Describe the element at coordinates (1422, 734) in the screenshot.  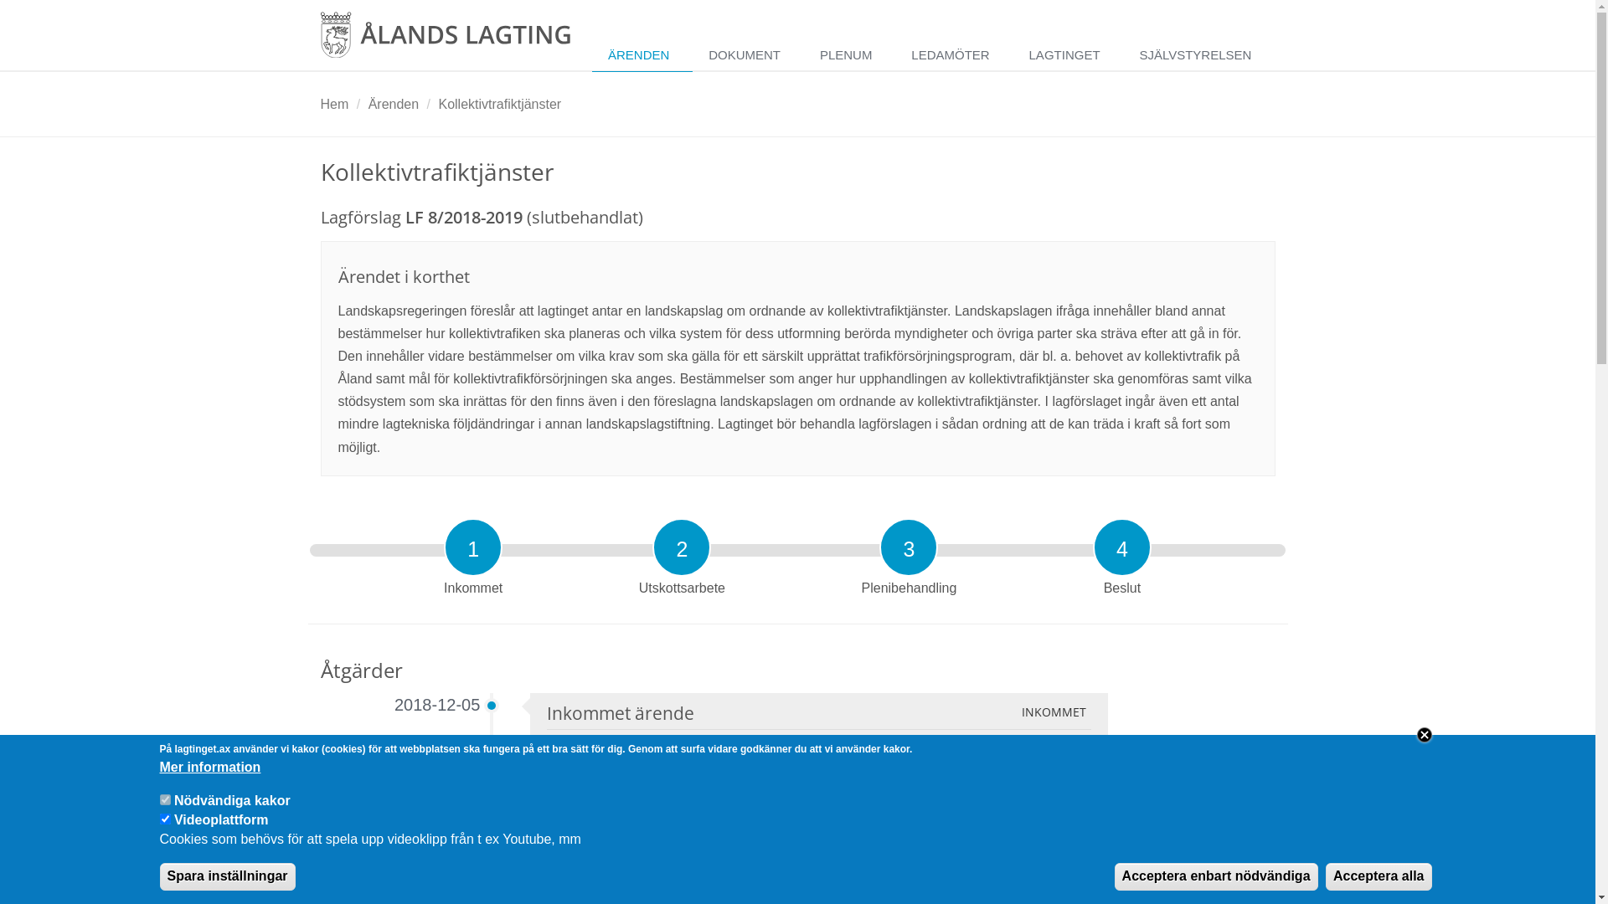
I see `'Close'` at that location.